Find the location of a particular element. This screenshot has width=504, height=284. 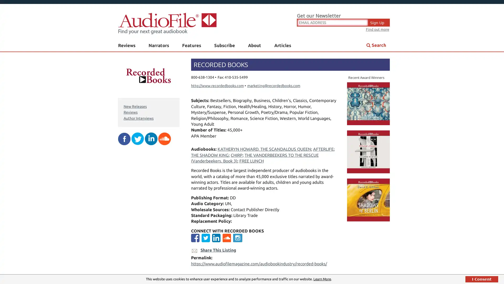

I Consent is located at coordinates (482, 279).